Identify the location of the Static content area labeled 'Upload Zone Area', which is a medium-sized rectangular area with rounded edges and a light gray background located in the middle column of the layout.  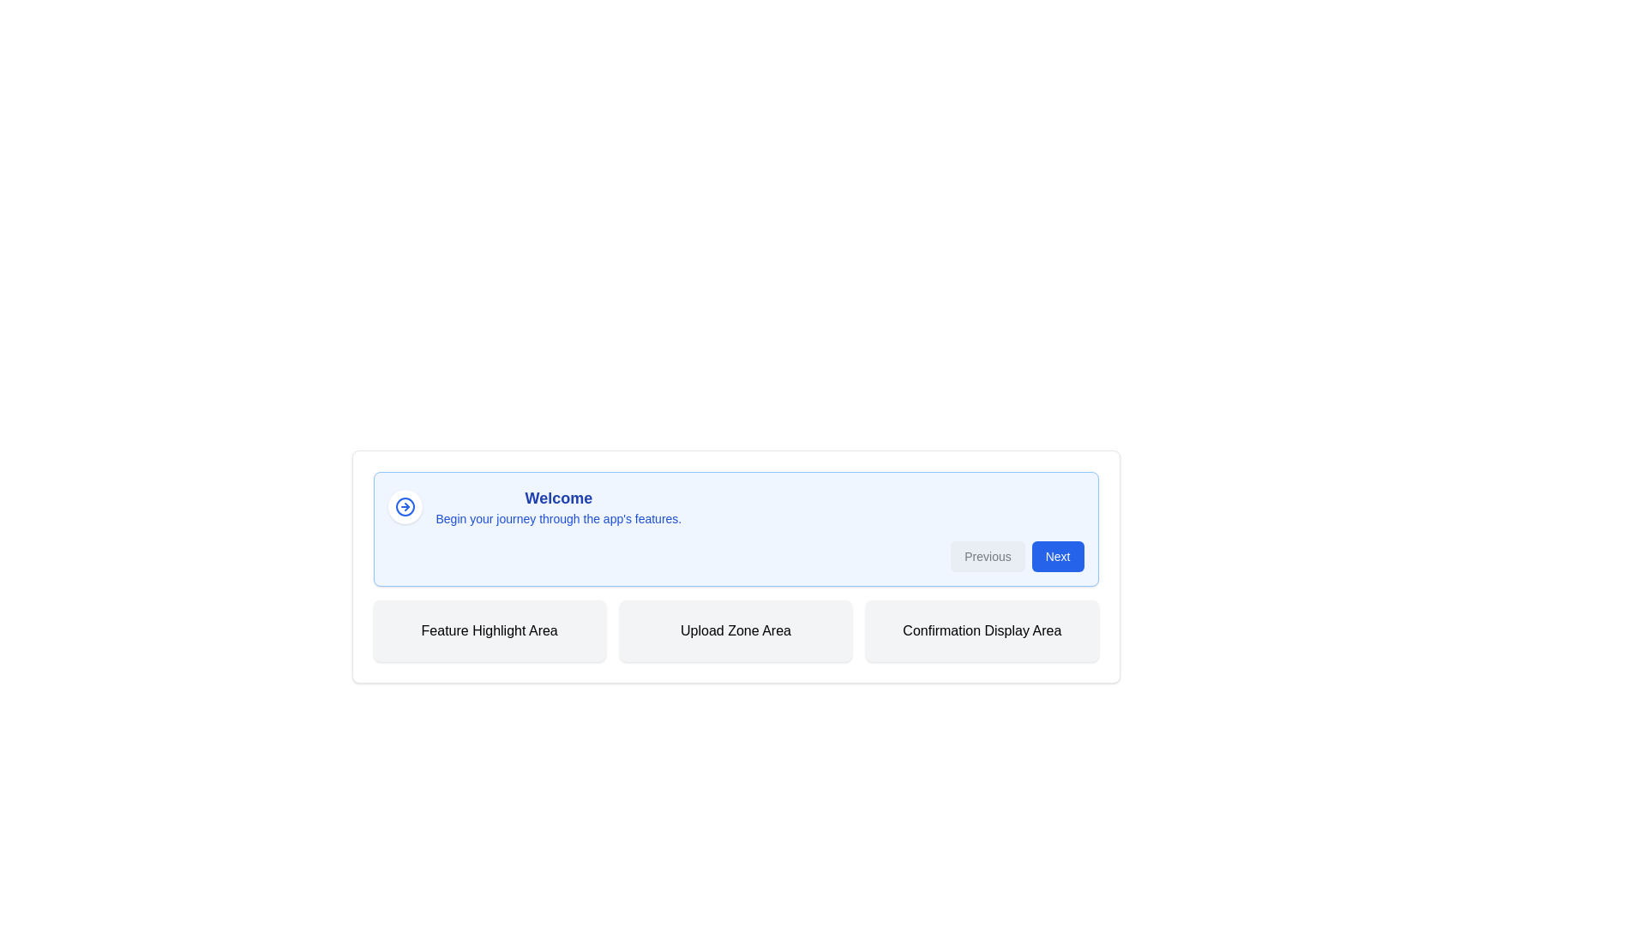
(736, 630).